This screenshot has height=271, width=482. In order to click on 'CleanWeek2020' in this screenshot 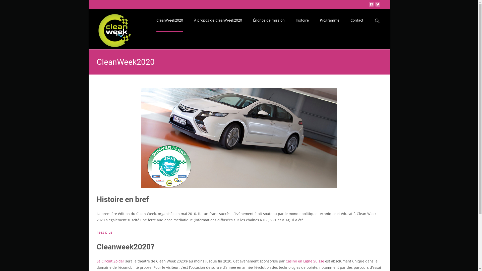, I will do `click(110, 29)`.